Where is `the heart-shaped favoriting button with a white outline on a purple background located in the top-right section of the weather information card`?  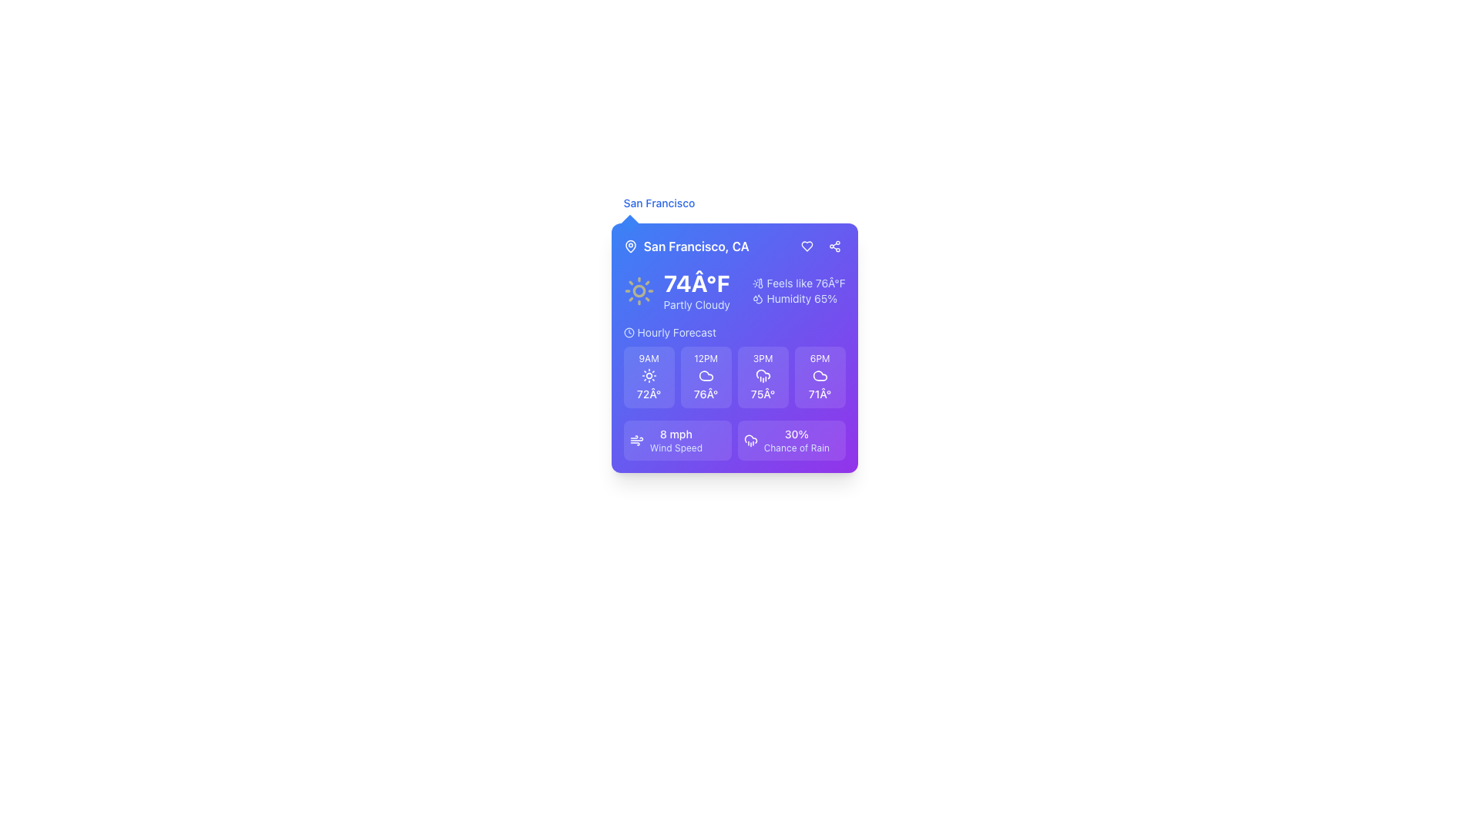 the heart-shaped favoriting button with a white outline on a purple background located in the top-right section of the weather information card is located at coordinates (806, 246).